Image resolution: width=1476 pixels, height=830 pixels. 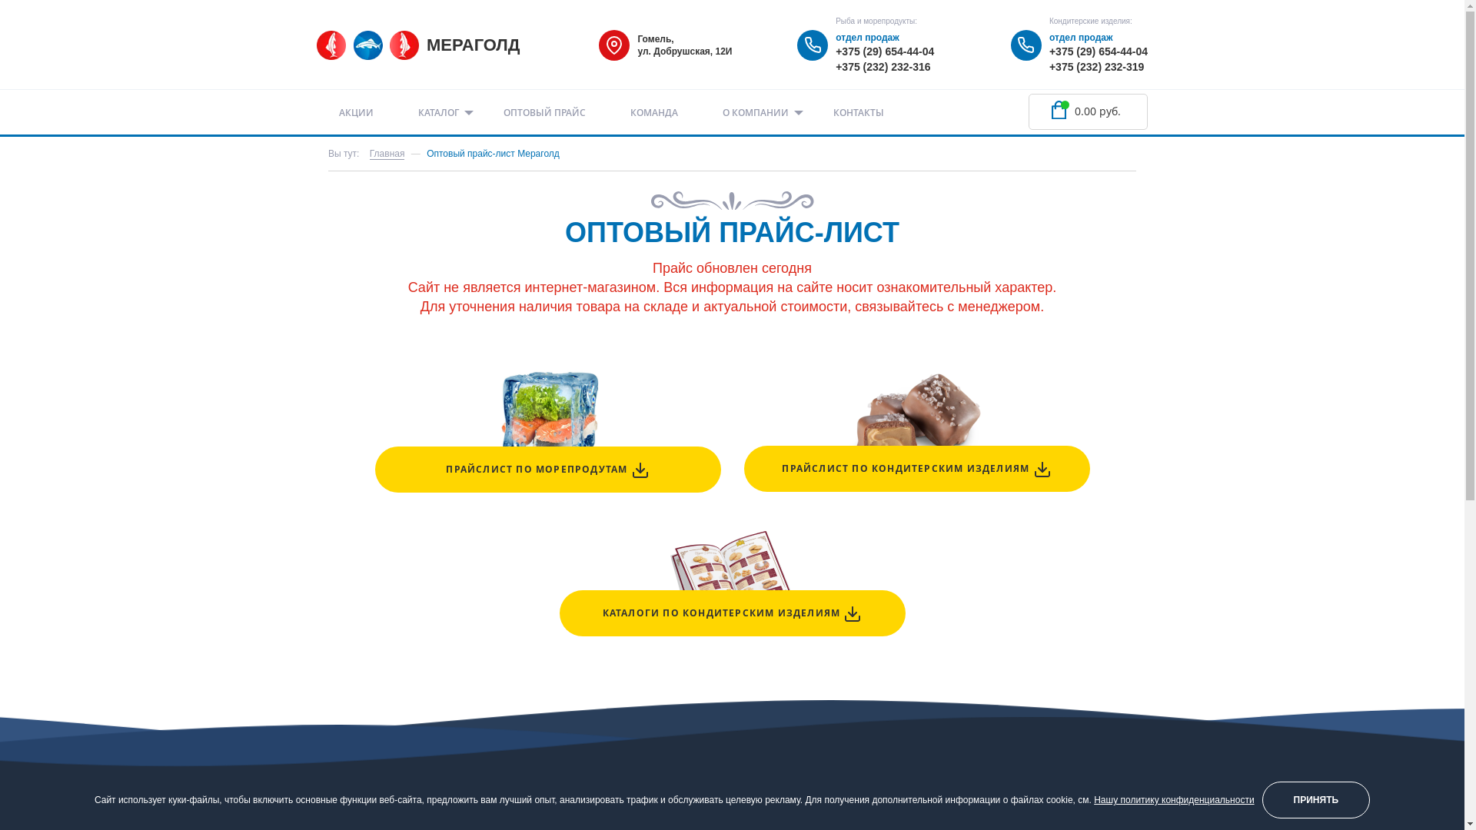 I want to click on '+375 (232) 232-316', so click(x=883, y=66).